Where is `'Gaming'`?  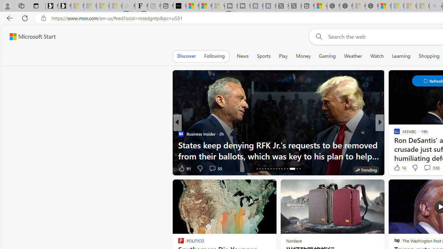 'Gaming' is located at coordinates (327, 56).